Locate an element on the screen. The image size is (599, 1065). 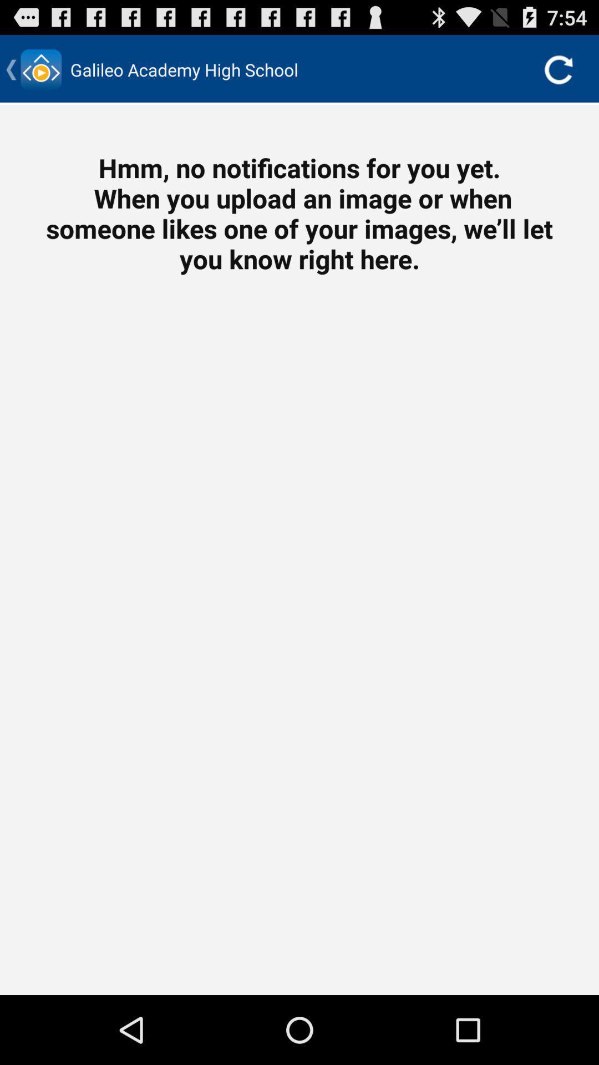
the icon to the right of galileo academy high is located at coordinates (558, 69).